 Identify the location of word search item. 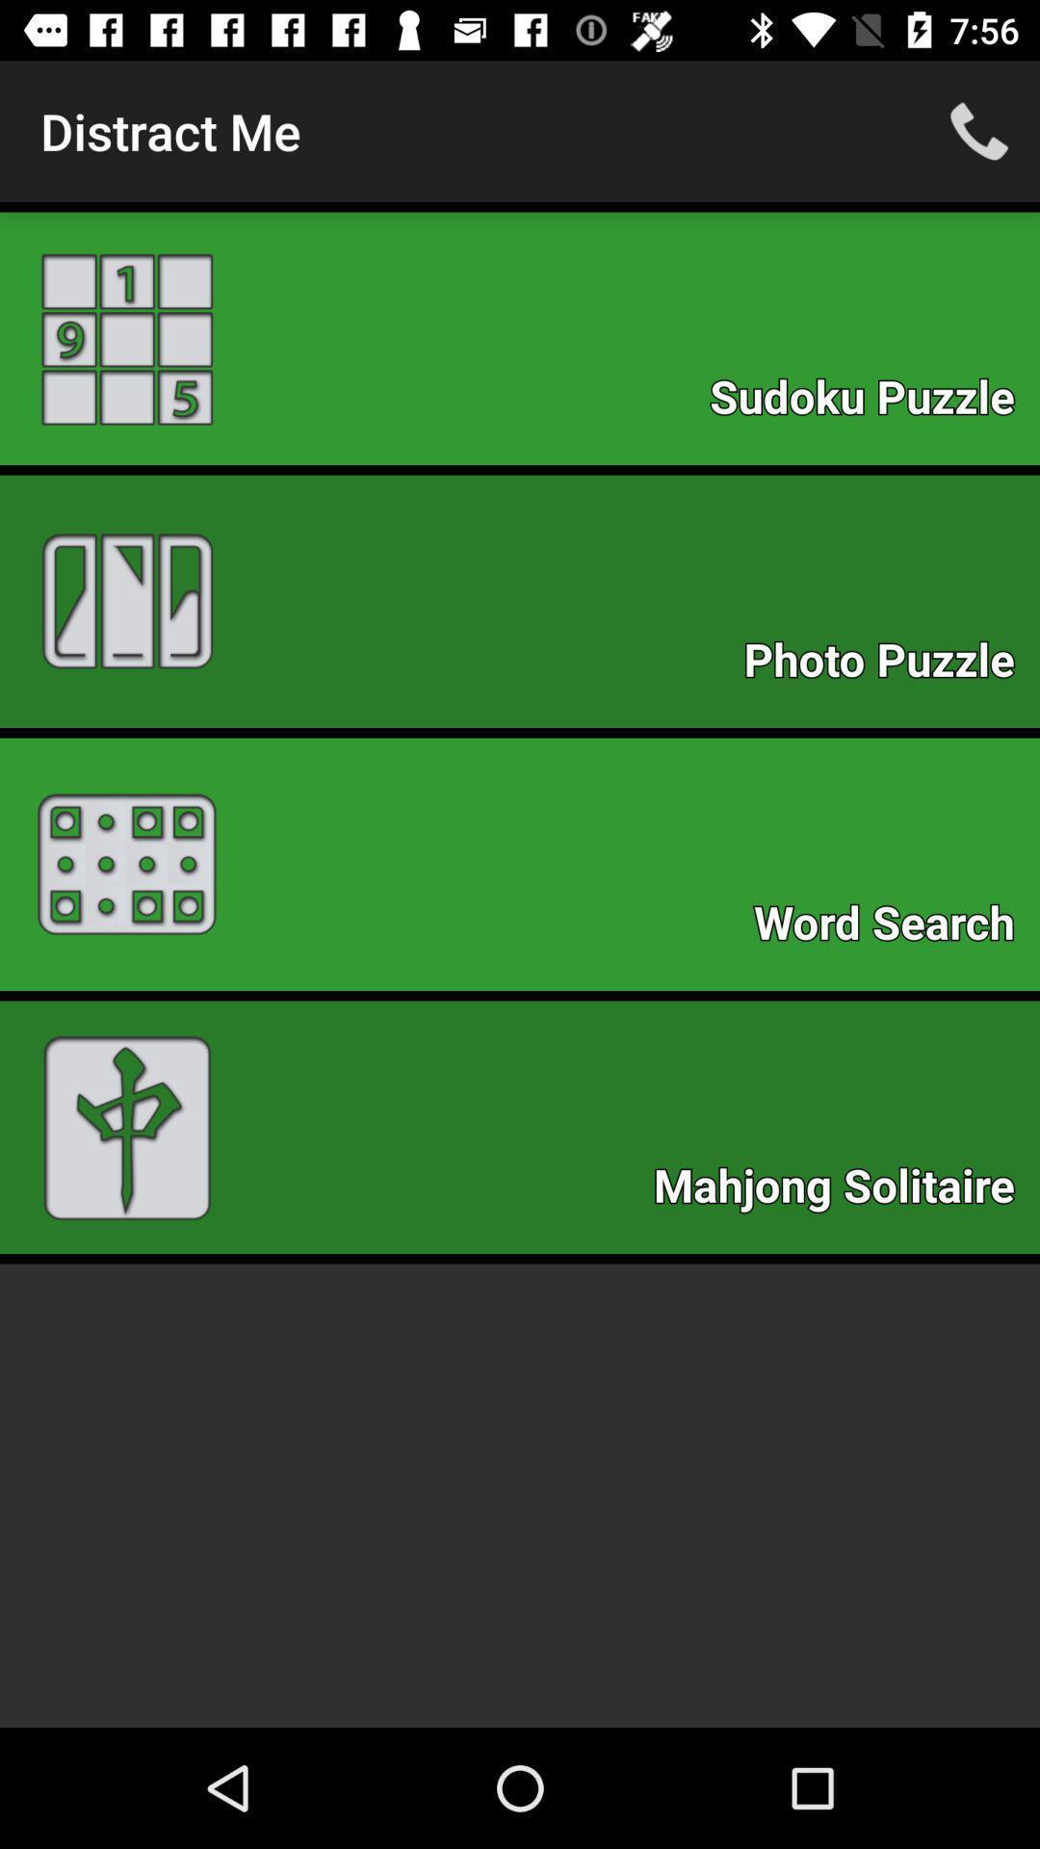
(894, 928).